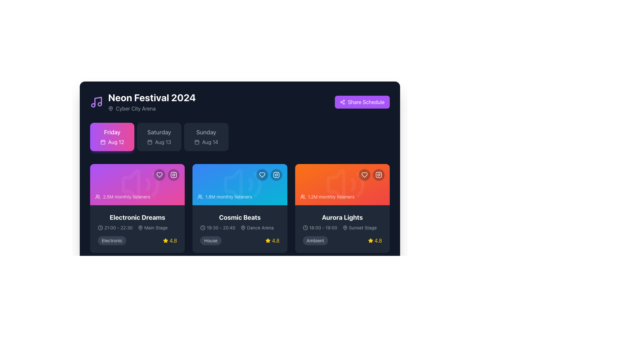 The image size is (620, 348). What do you see at coordinates (166, 241) in the screenshot?
I see `the star icon located at the bottom-right corner of the 'Electronic Dreams' card` at bounding box center [166, 241].